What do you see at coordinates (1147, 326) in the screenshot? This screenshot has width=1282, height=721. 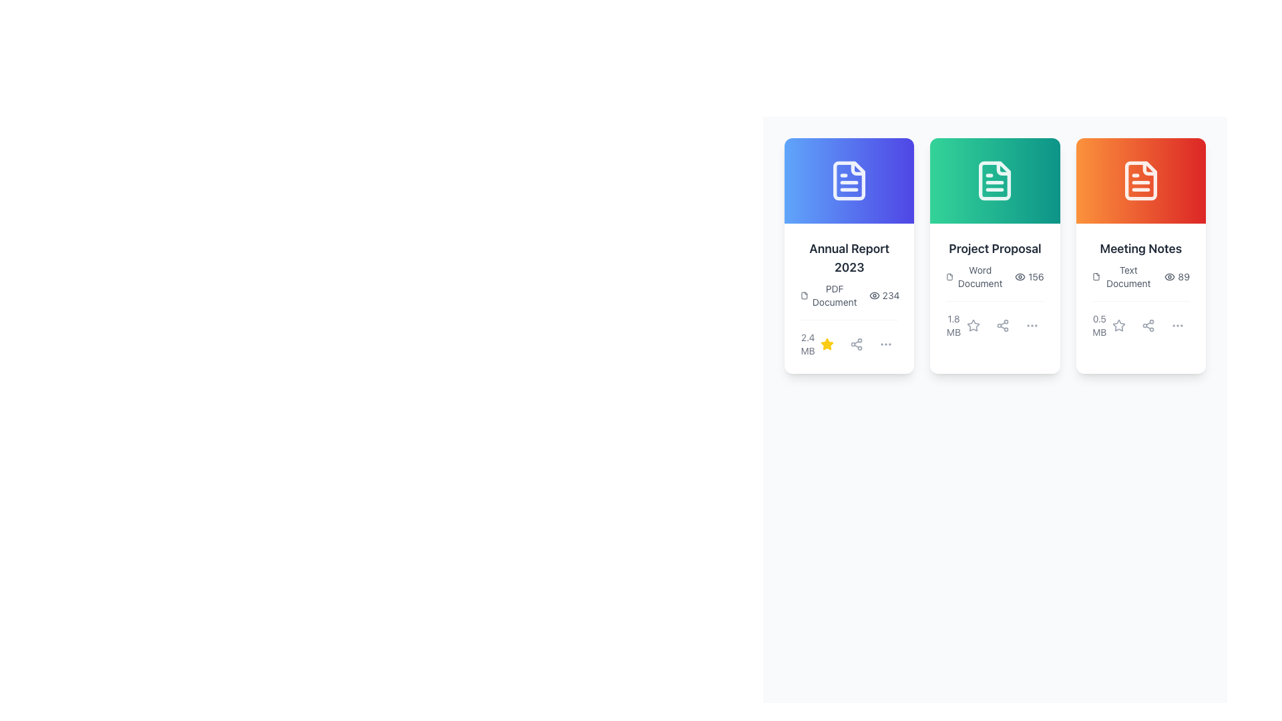 I see `the share icon button located` at bounding box center [1147, 326].